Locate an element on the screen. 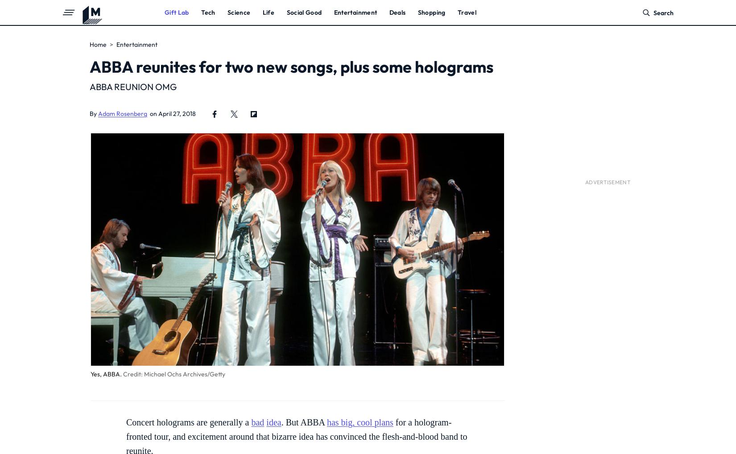  'April 27, 2018' is located at coordinates (177, 113).